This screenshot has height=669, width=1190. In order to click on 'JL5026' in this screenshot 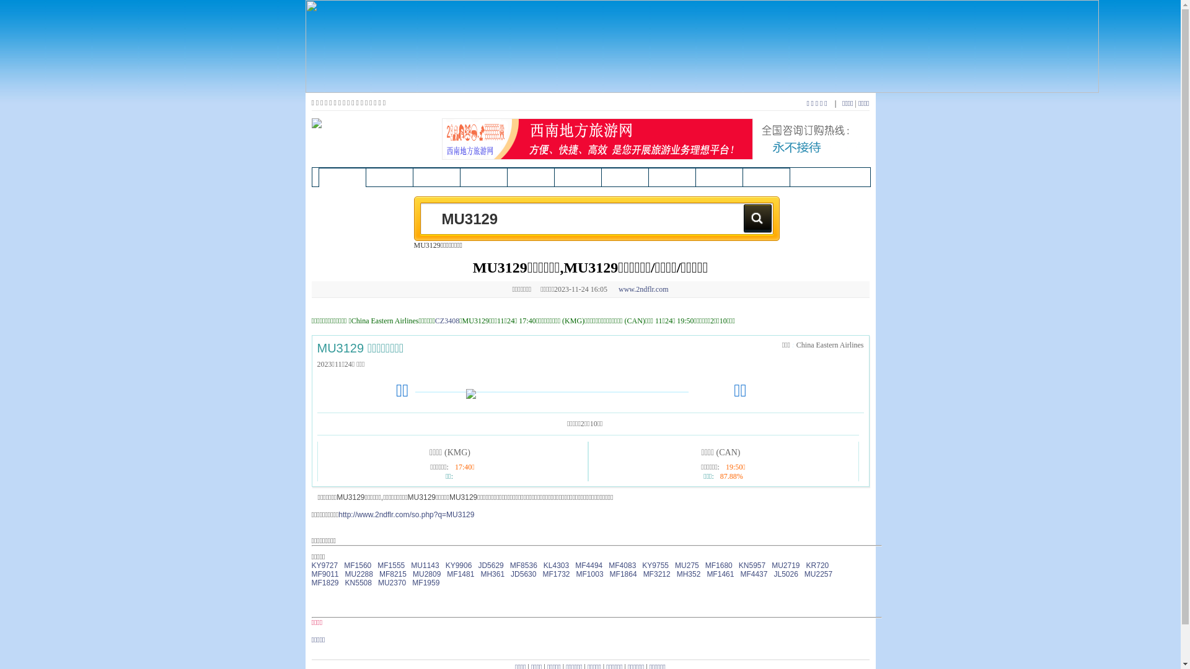, I will do `click(785, 574)`.